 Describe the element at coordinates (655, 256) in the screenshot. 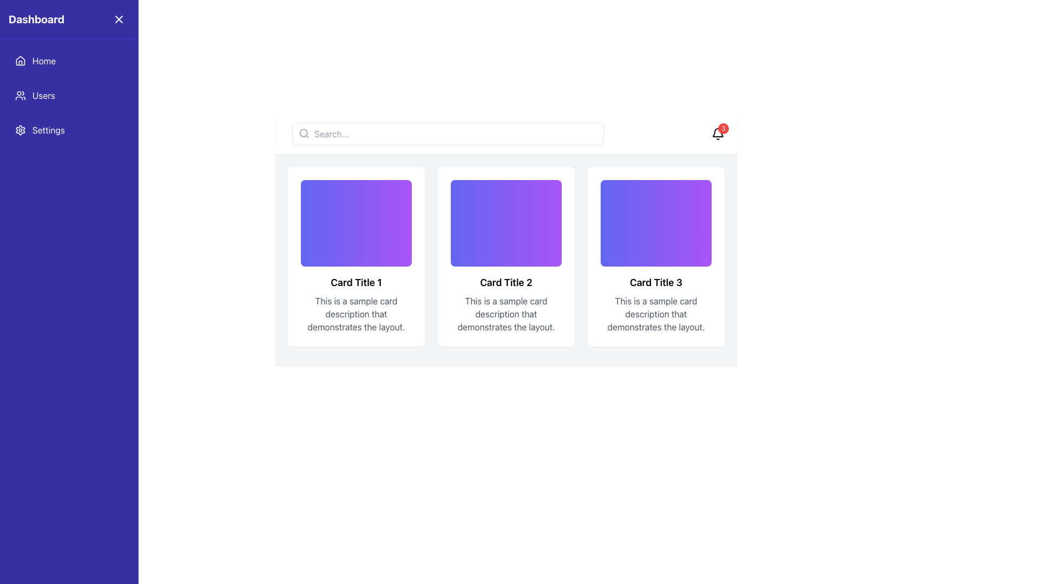

I see `the gradient rectangle in the third card of the three-column grid layout, which is positioned to the far-right, adjacent to 'Card Title 2'` at that location.